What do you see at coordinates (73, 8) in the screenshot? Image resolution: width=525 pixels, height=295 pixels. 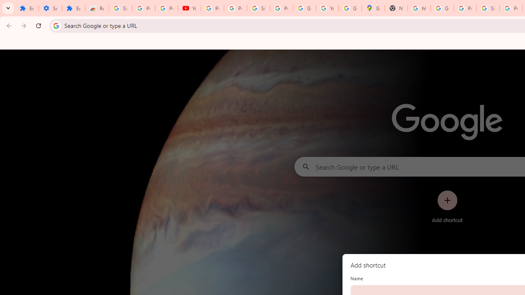 I see `'Extensions'` at bounding box center [73, 8].